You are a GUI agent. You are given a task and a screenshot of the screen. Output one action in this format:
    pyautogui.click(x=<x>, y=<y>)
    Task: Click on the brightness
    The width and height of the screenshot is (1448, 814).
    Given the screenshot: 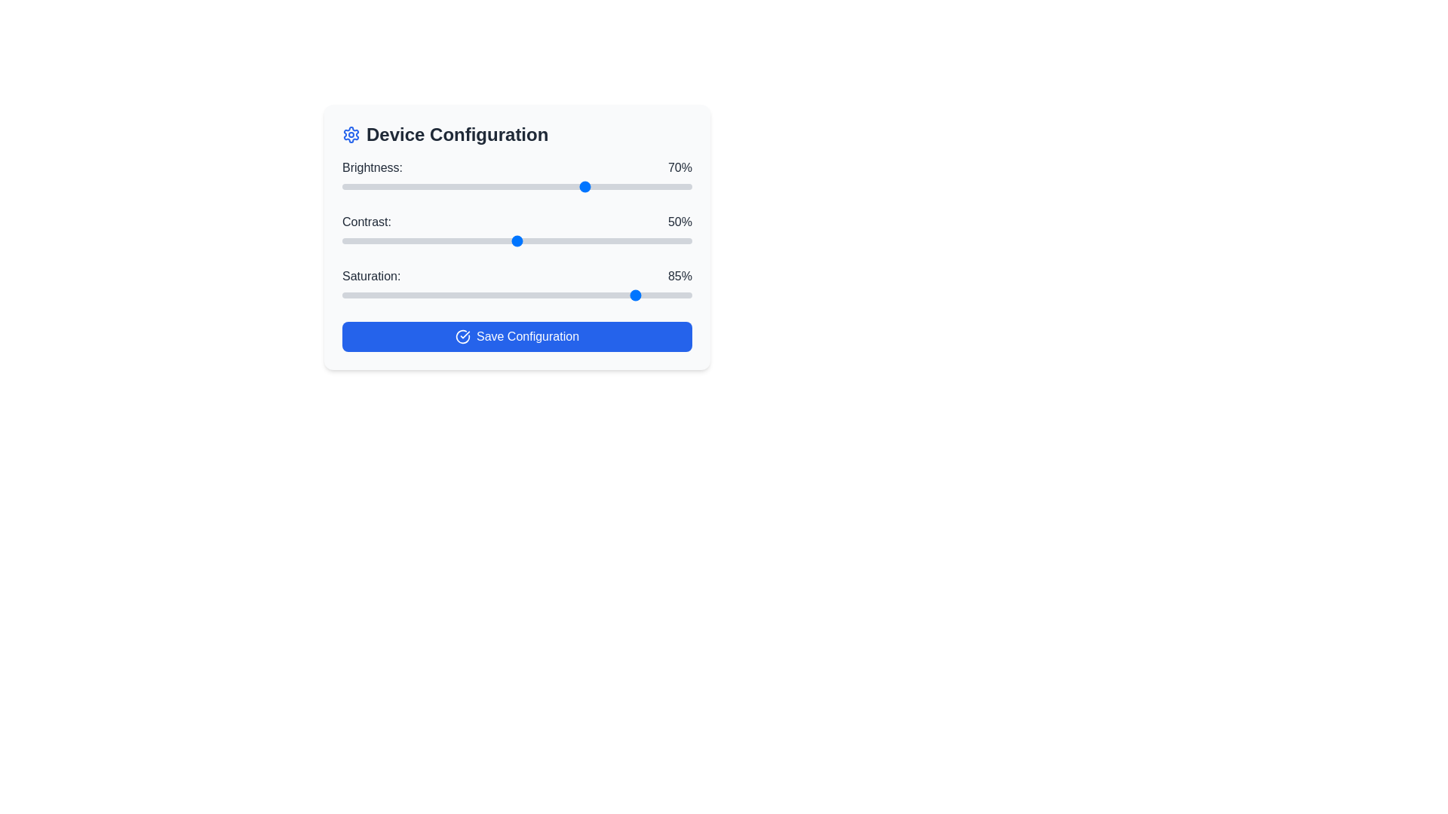 What is the action you would take?
    pyautogui.click(x=345, y=185)
    